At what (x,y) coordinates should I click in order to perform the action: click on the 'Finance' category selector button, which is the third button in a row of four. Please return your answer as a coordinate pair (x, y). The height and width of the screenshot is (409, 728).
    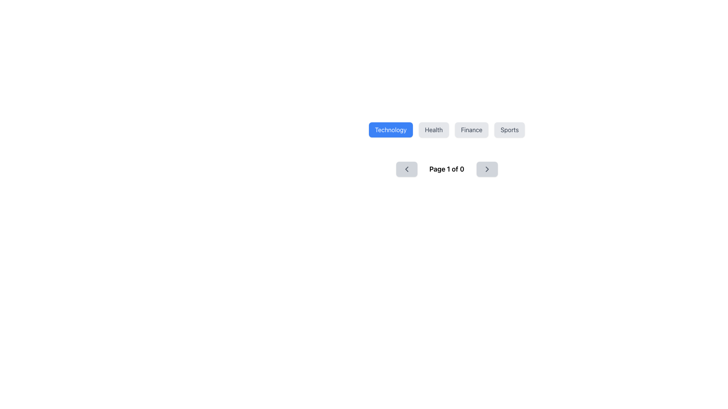
    Looking at the image, I should click on (471, 130).